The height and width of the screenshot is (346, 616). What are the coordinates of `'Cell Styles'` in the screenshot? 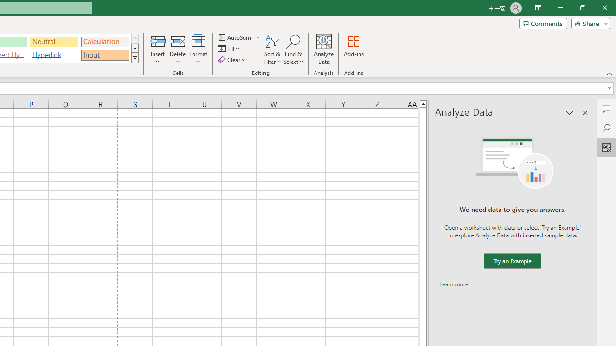 It's located at (134, 58).